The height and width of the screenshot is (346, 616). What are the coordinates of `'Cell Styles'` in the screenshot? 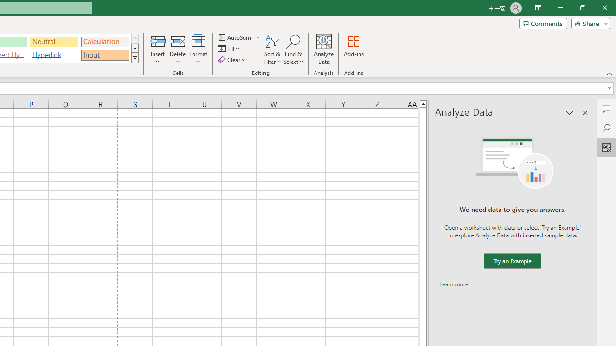 It's located at (134, 58).